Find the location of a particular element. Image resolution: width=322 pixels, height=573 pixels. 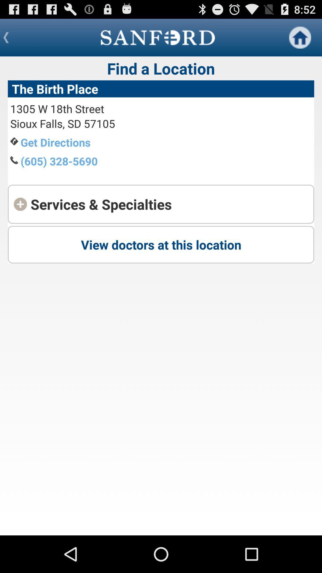

get directions is located at coordinates (55, 142).